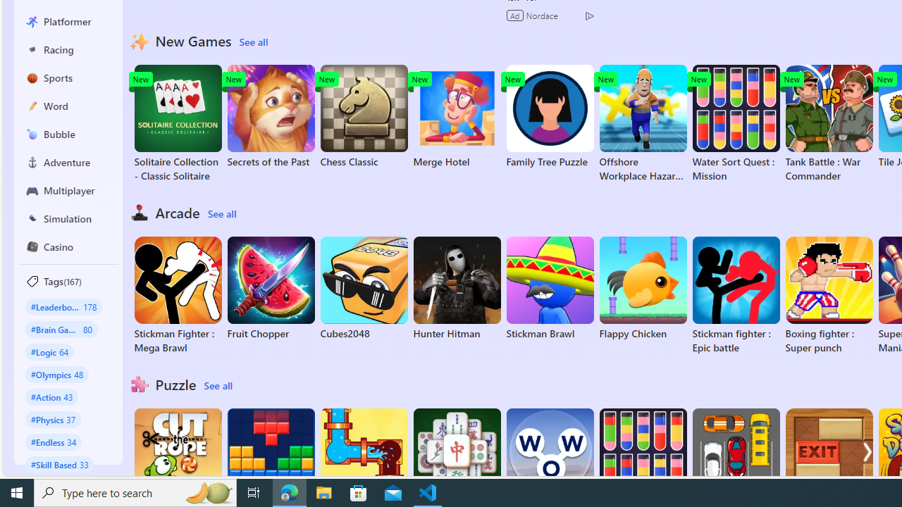  What do you see at coordinates (177, 123) in the screenshot?
I see `'Solitaire Collection - Classic Solitaire'` at bounding box center [177, 123].